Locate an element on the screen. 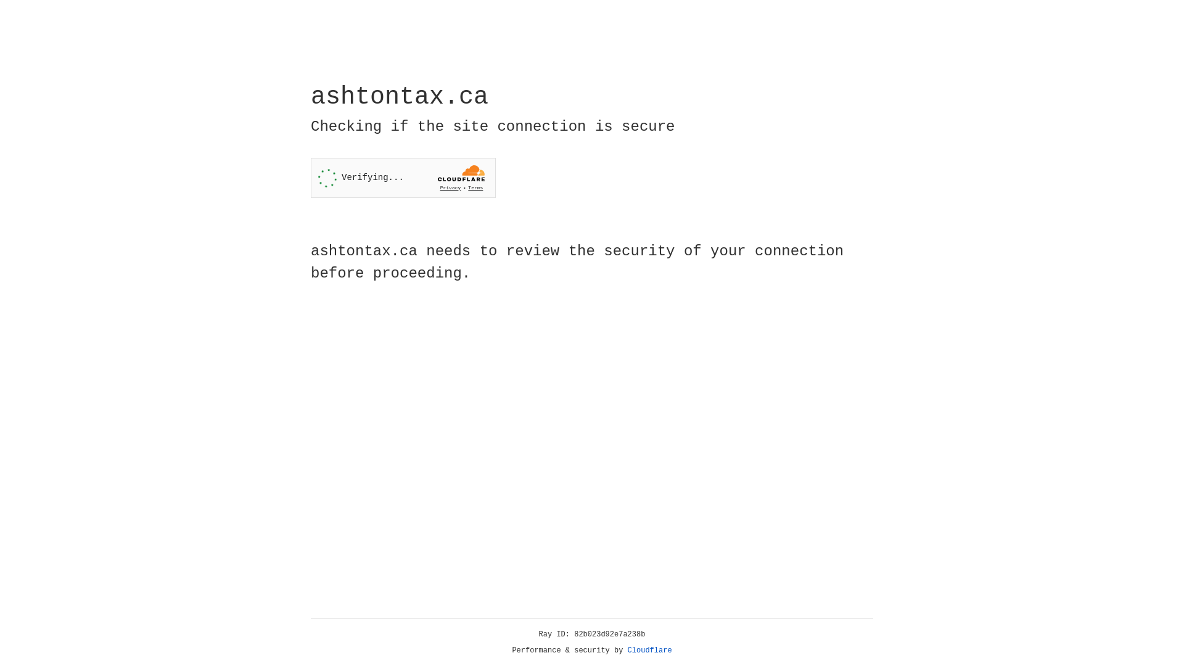 The height and width of the screenshot is (666, 1184). 'Widget containing a Cloudflare security challenge' is located at coordinates (403, 178).